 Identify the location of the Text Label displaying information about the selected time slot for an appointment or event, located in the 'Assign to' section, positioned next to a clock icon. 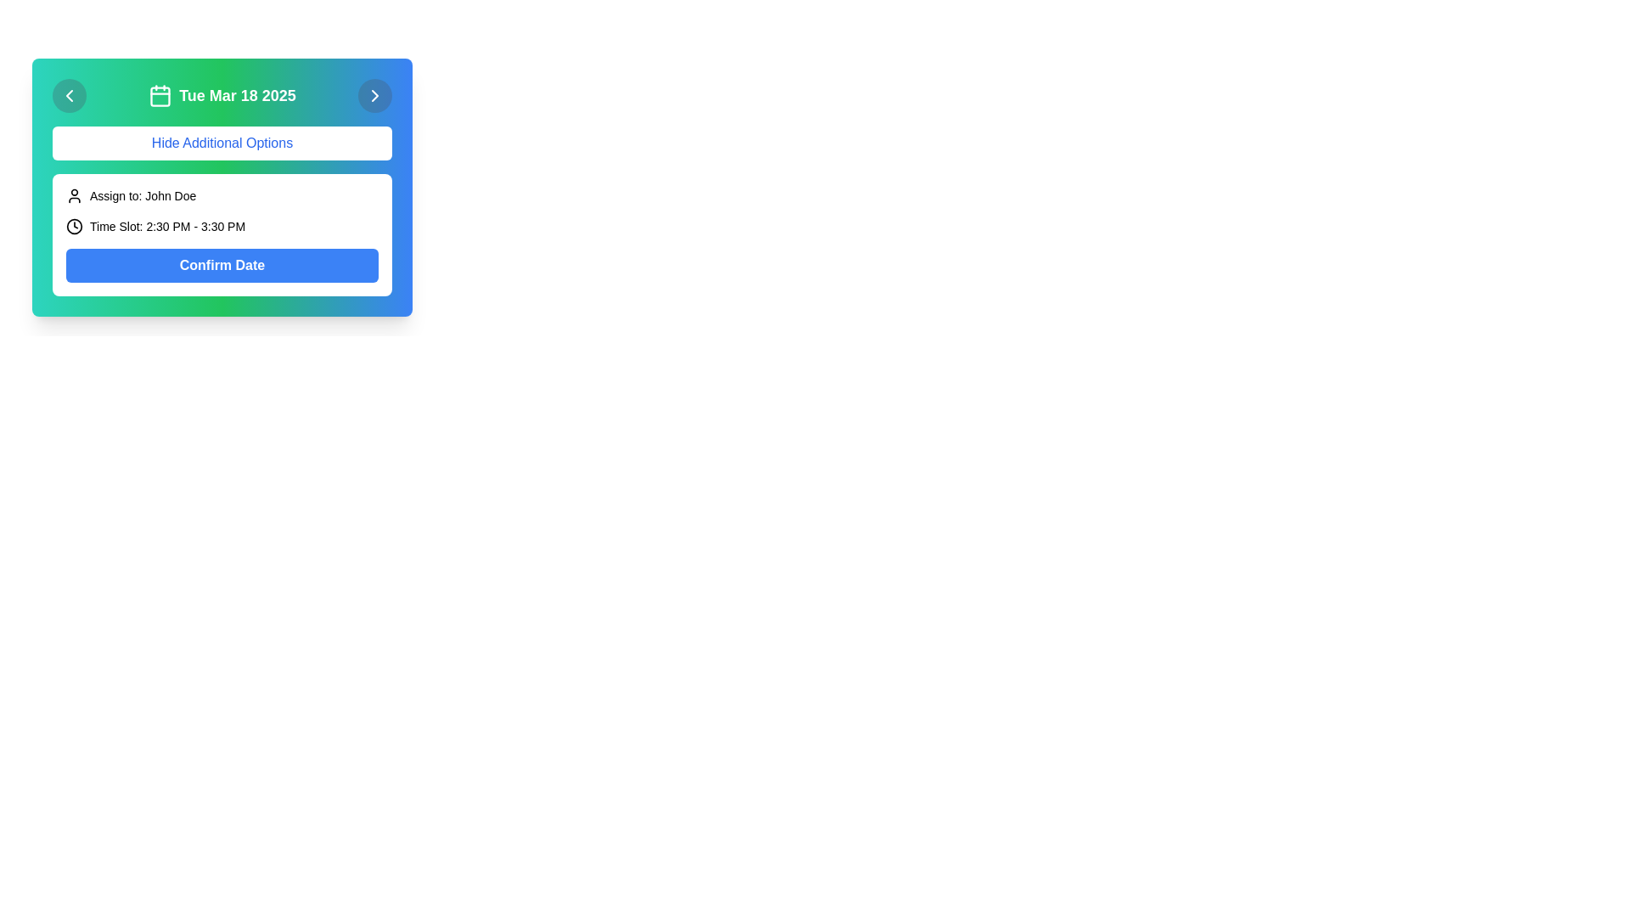
(167, 225).